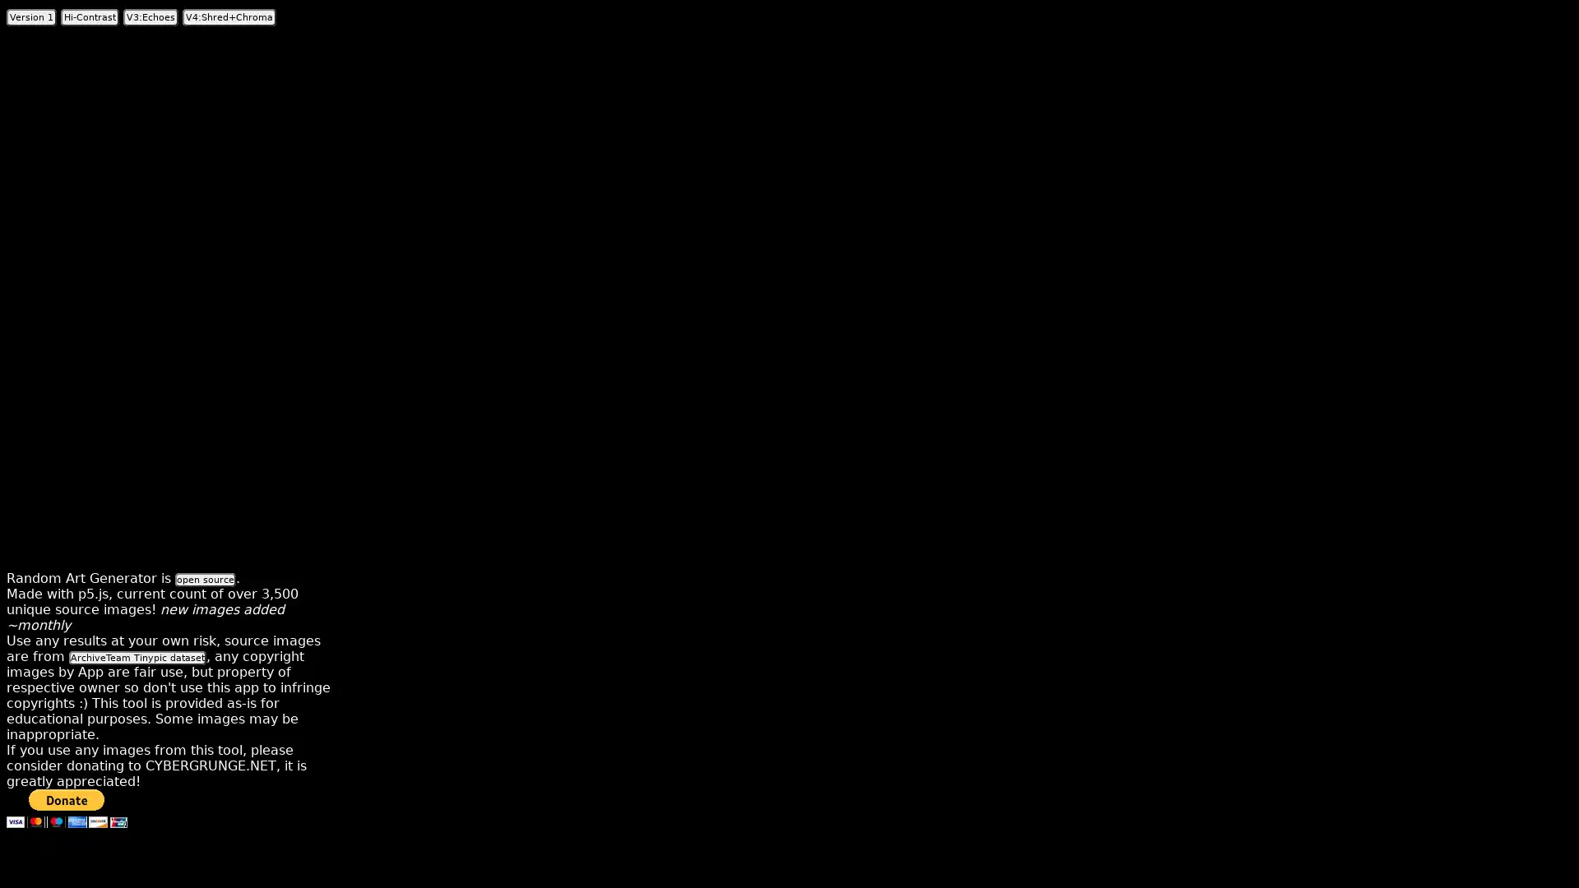 This screenshot has height=888, width=1579. What do you see at coordinates (66, 807) in the screenshot?
I see `Donate with PayPal button` at bounding box center [66, 807].